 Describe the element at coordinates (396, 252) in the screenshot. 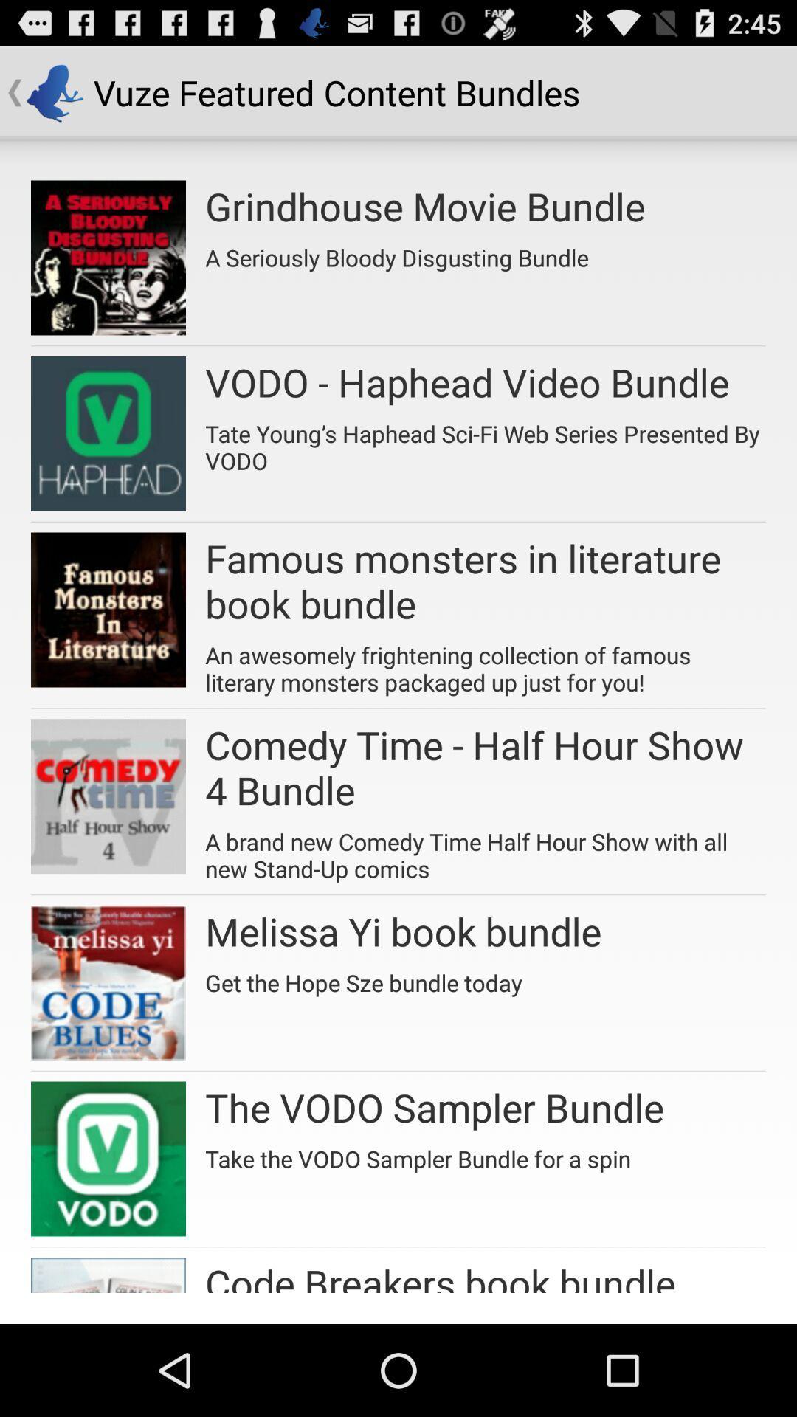

I see `the icon above the vodo haphead video icon` at that location.